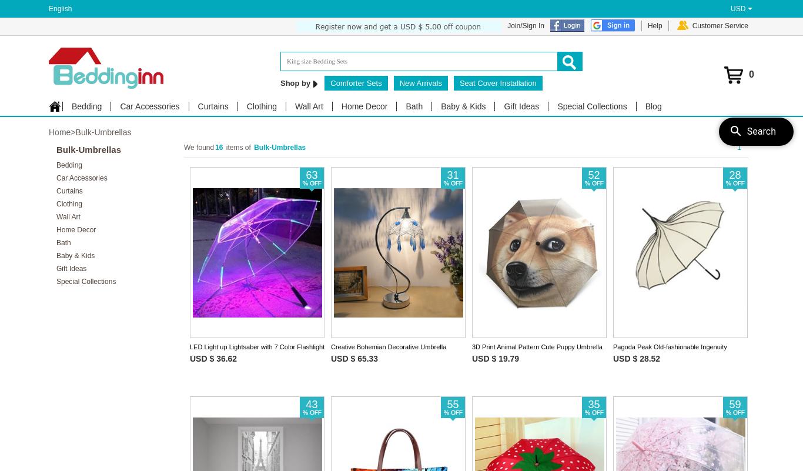 The height and width of the screenshot is (471, 803). Describe the element at coordinates (60, 8) in the screenshot. I see `'English'` at that location.